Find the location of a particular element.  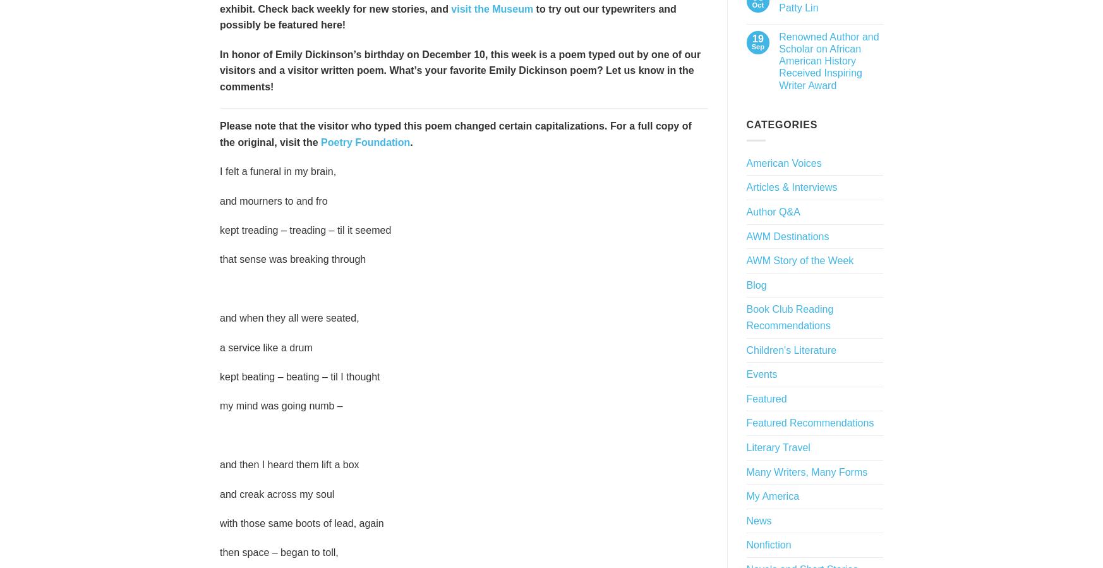

'then space – began to toll,' is located at coordinates (279, 552).